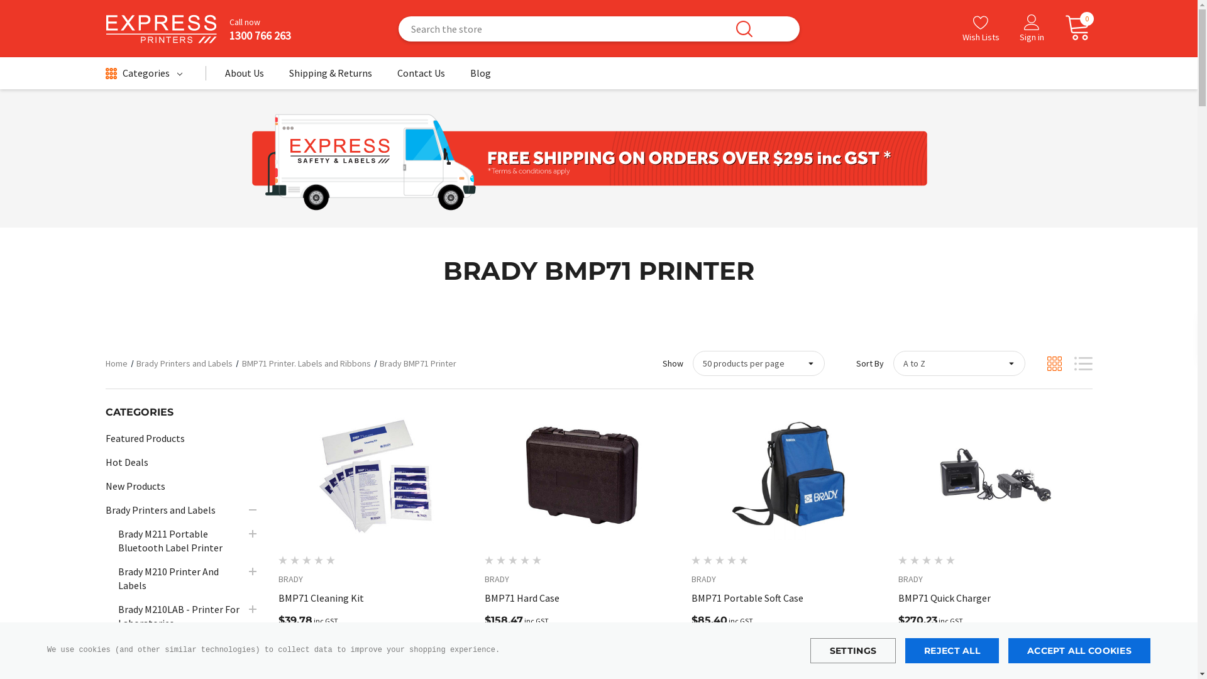 Image resolution: width=1207 pixels, height=679 pixels. I want to click on 'Contact Us', so click(421, 76).